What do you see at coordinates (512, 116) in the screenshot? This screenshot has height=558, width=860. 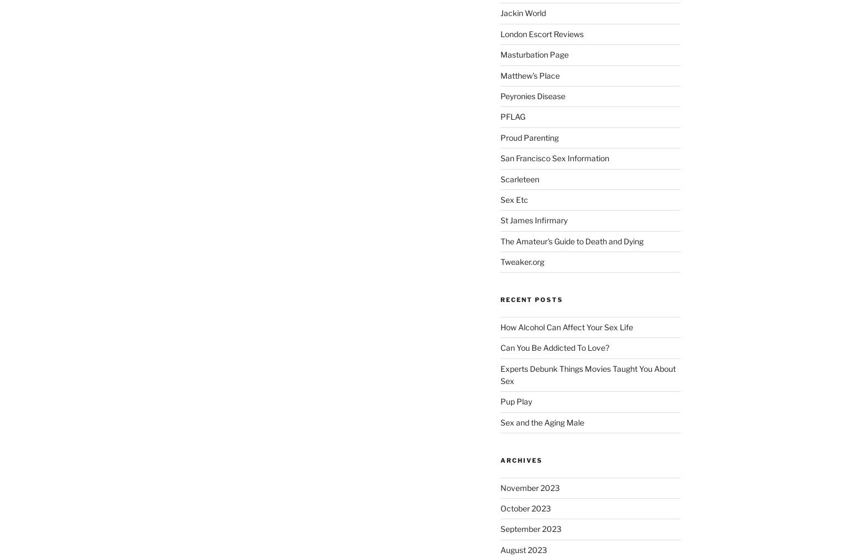 I see `'PFLAG'` at bounding box center [512, 116].